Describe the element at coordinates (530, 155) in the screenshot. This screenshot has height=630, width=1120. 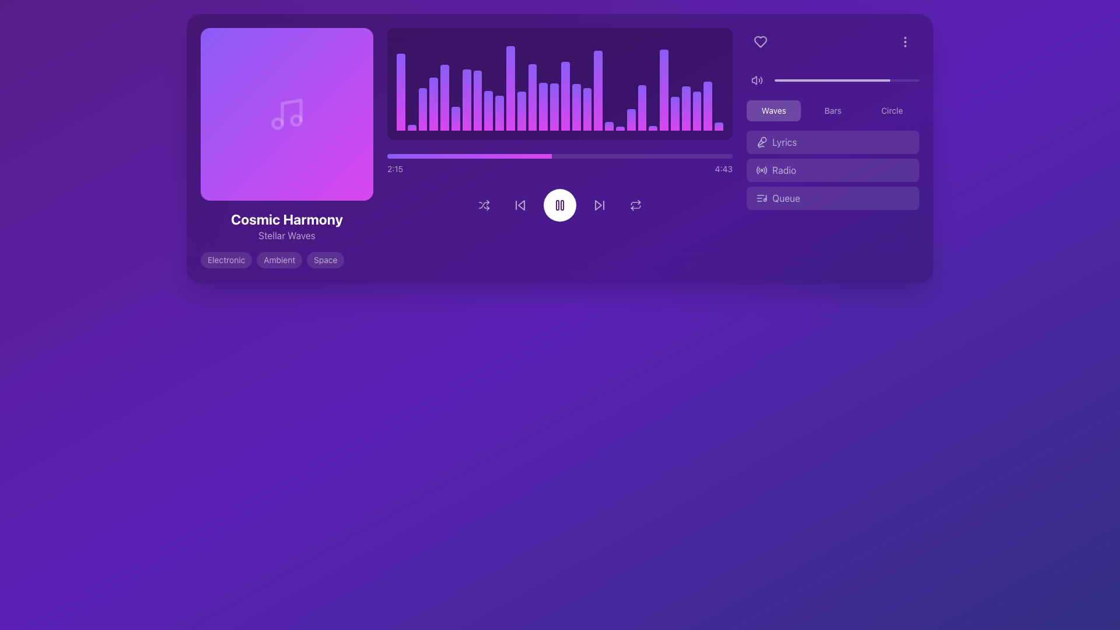
I see `the progress bar value` at that location.